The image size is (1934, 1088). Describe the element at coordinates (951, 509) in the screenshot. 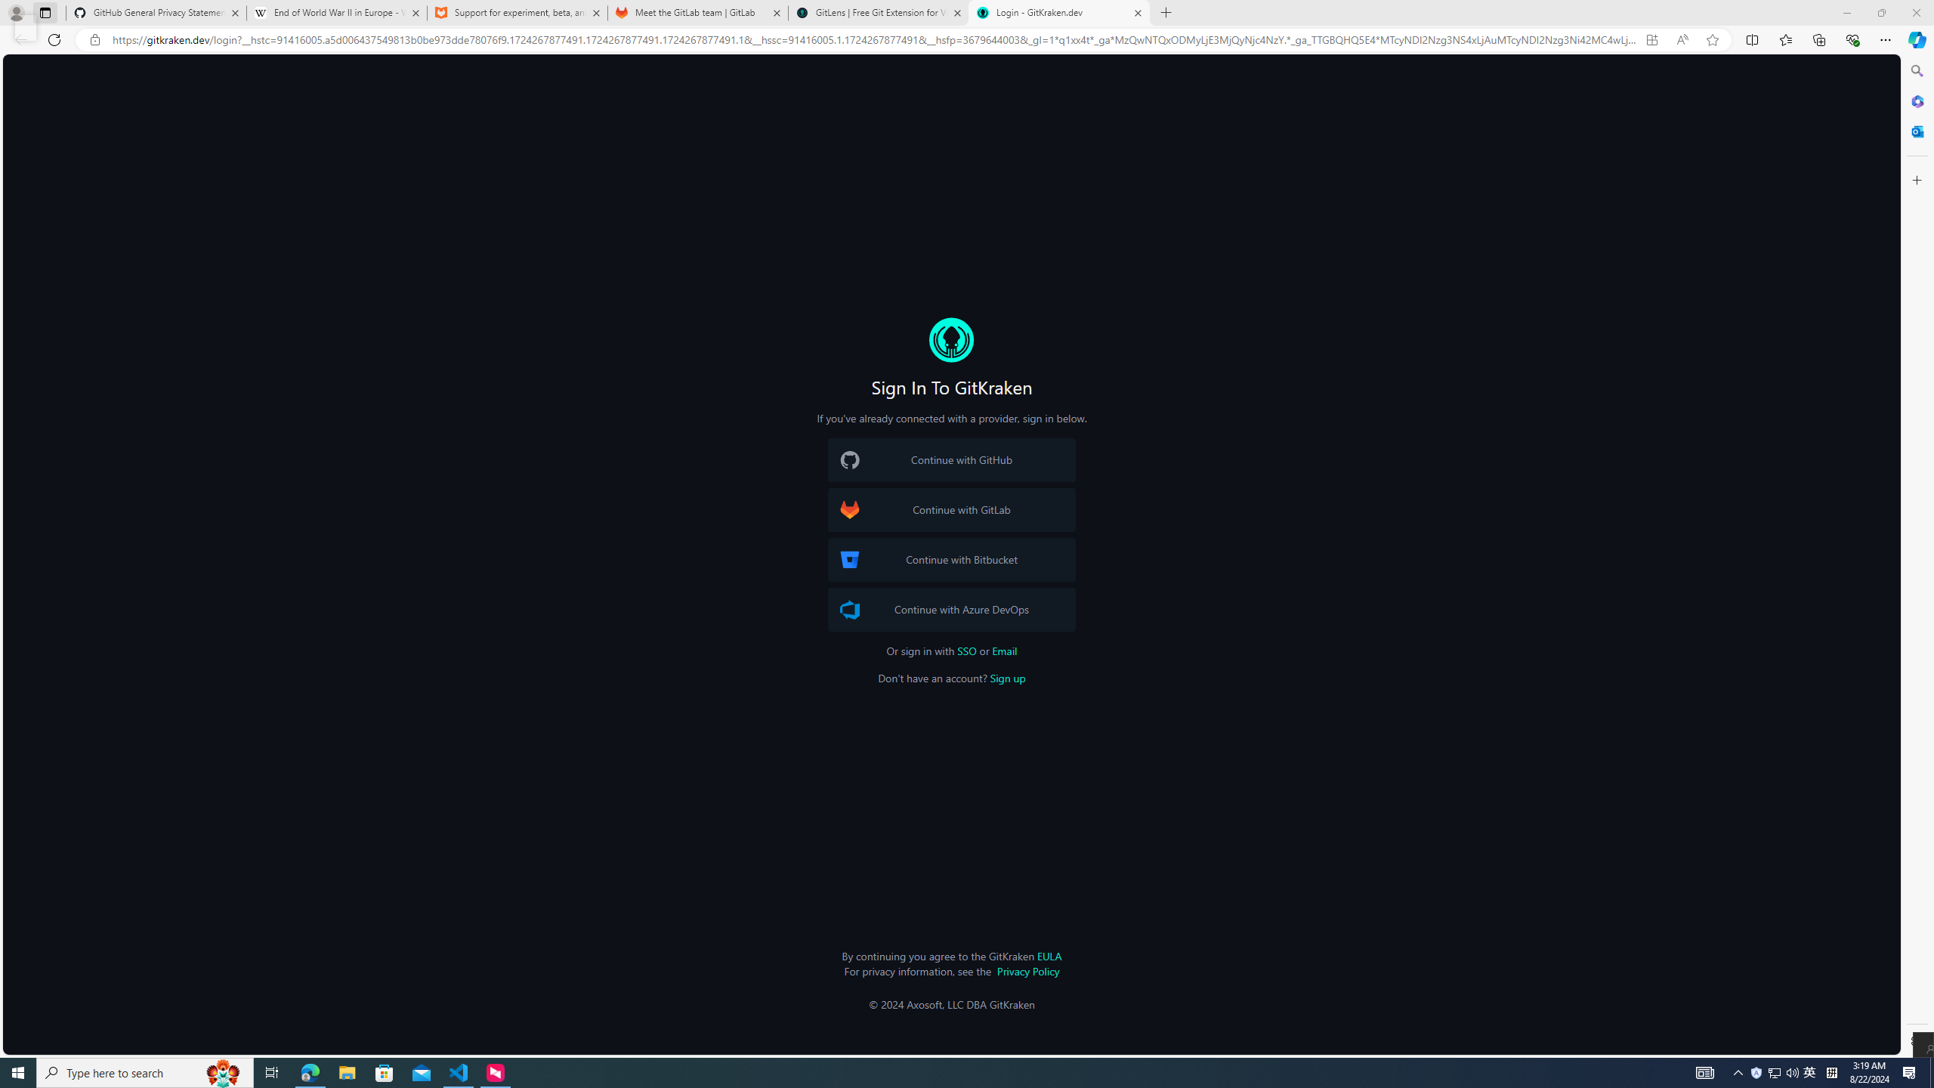

I see `'GitLab Logo Continue with GitLab'` at that location.